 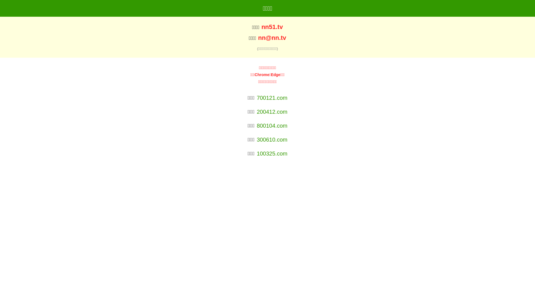 I want to click on '300610.com', so click(x=272, y=139).